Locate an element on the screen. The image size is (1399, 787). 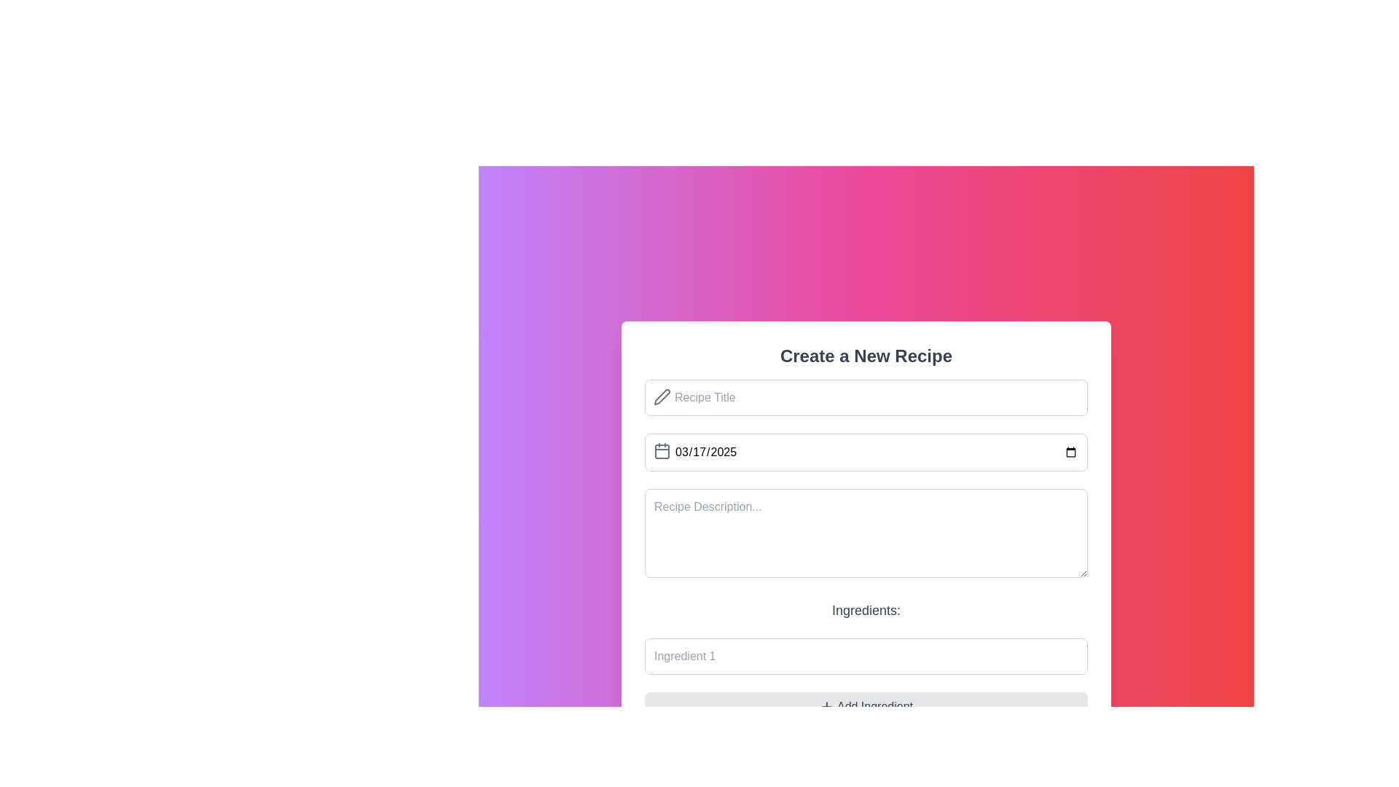
small rounded rectangle element of the calendar SVG icon located beside the date field labeled '03/17/2025' using debugging tools is located at coordinates (661, 451).